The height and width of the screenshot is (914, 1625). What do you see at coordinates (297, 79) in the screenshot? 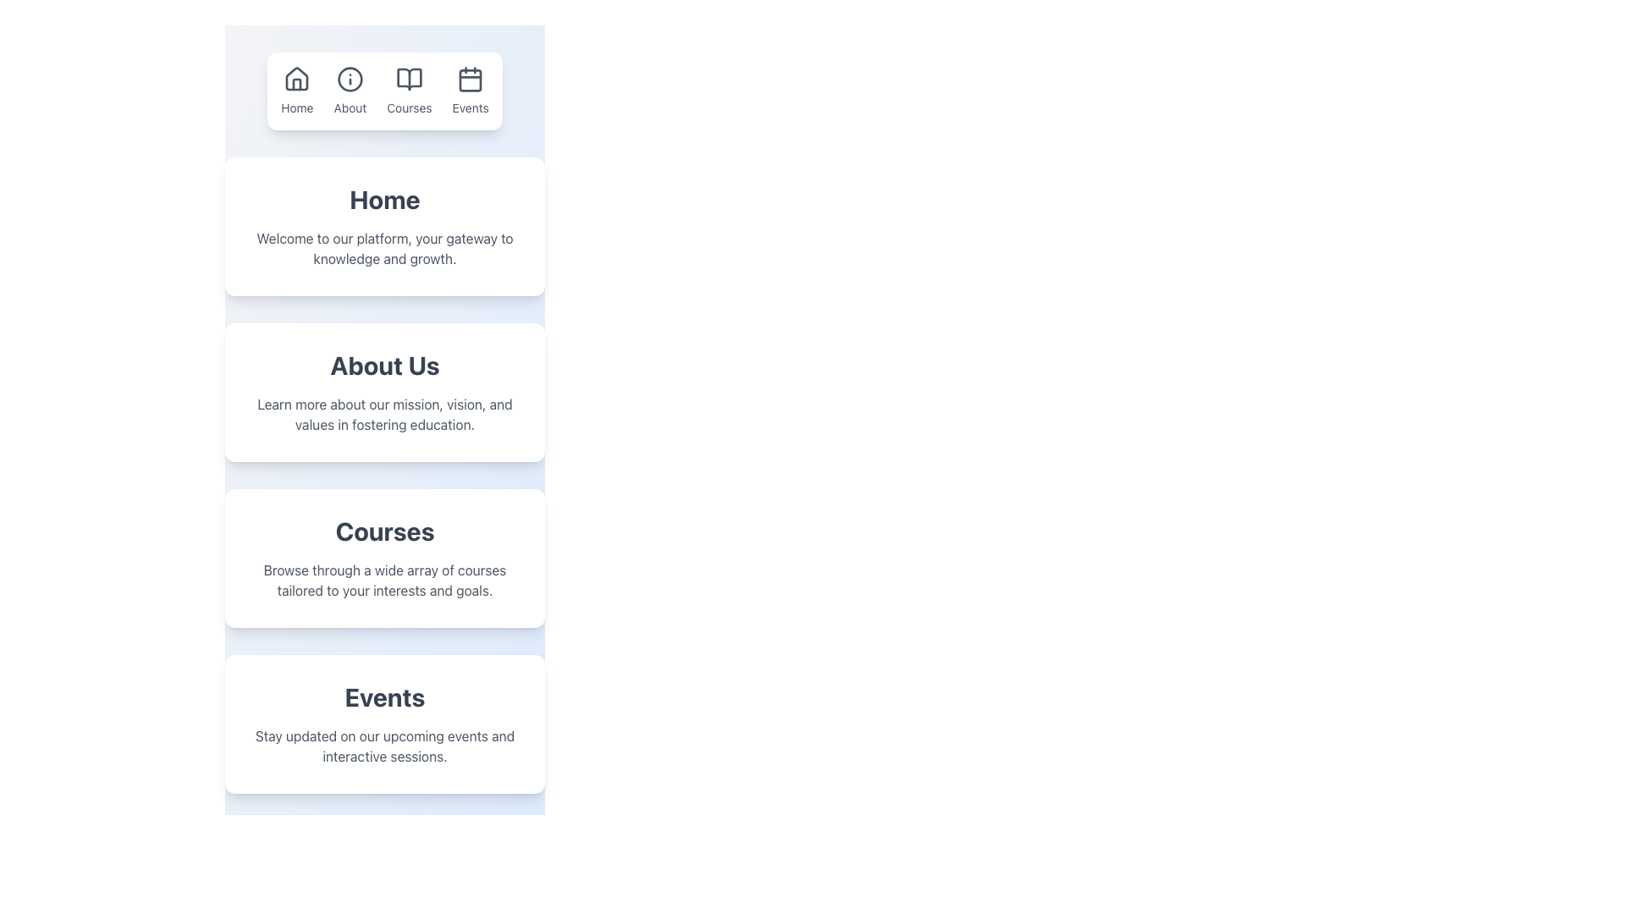
I see `the 'Home' SVG Icon located in the first position of the horizontal navigation bar` at bounding box center [297, 79].